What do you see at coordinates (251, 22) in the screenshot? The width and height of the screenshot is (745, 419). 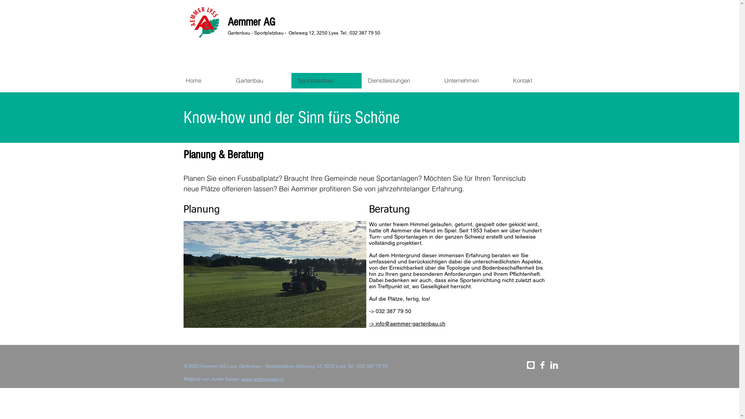 I see `'Aemmer AG'` at bounding box center [251, 22].